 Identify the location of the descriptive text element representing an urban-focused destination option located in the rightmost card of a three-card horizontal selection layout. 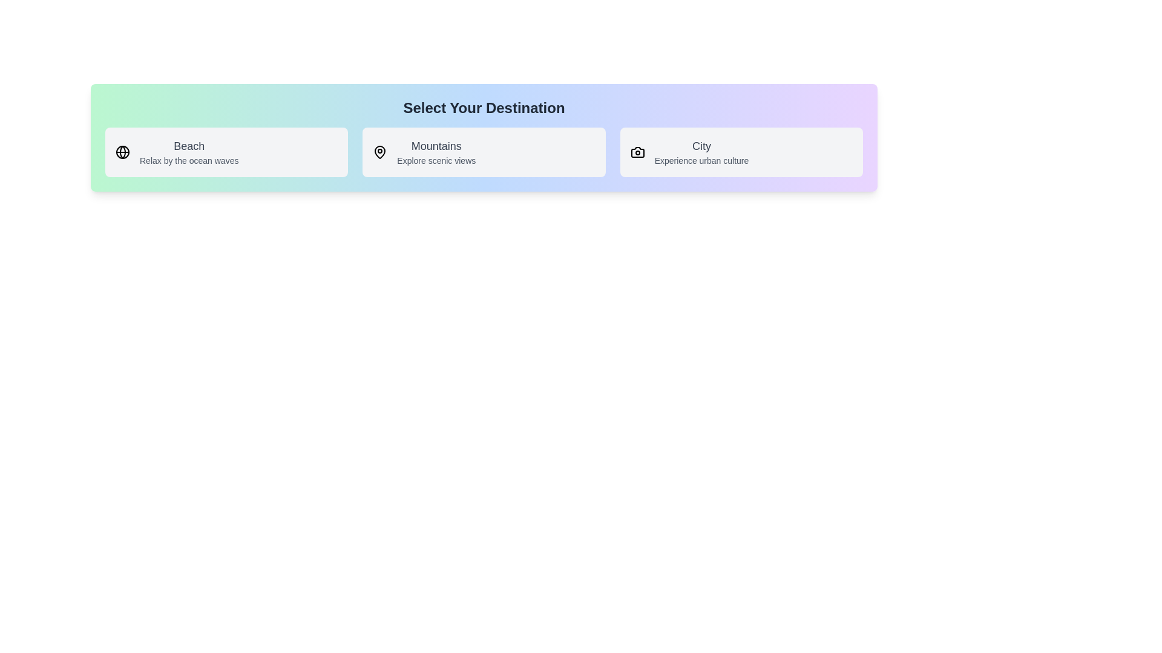
(701, 151).